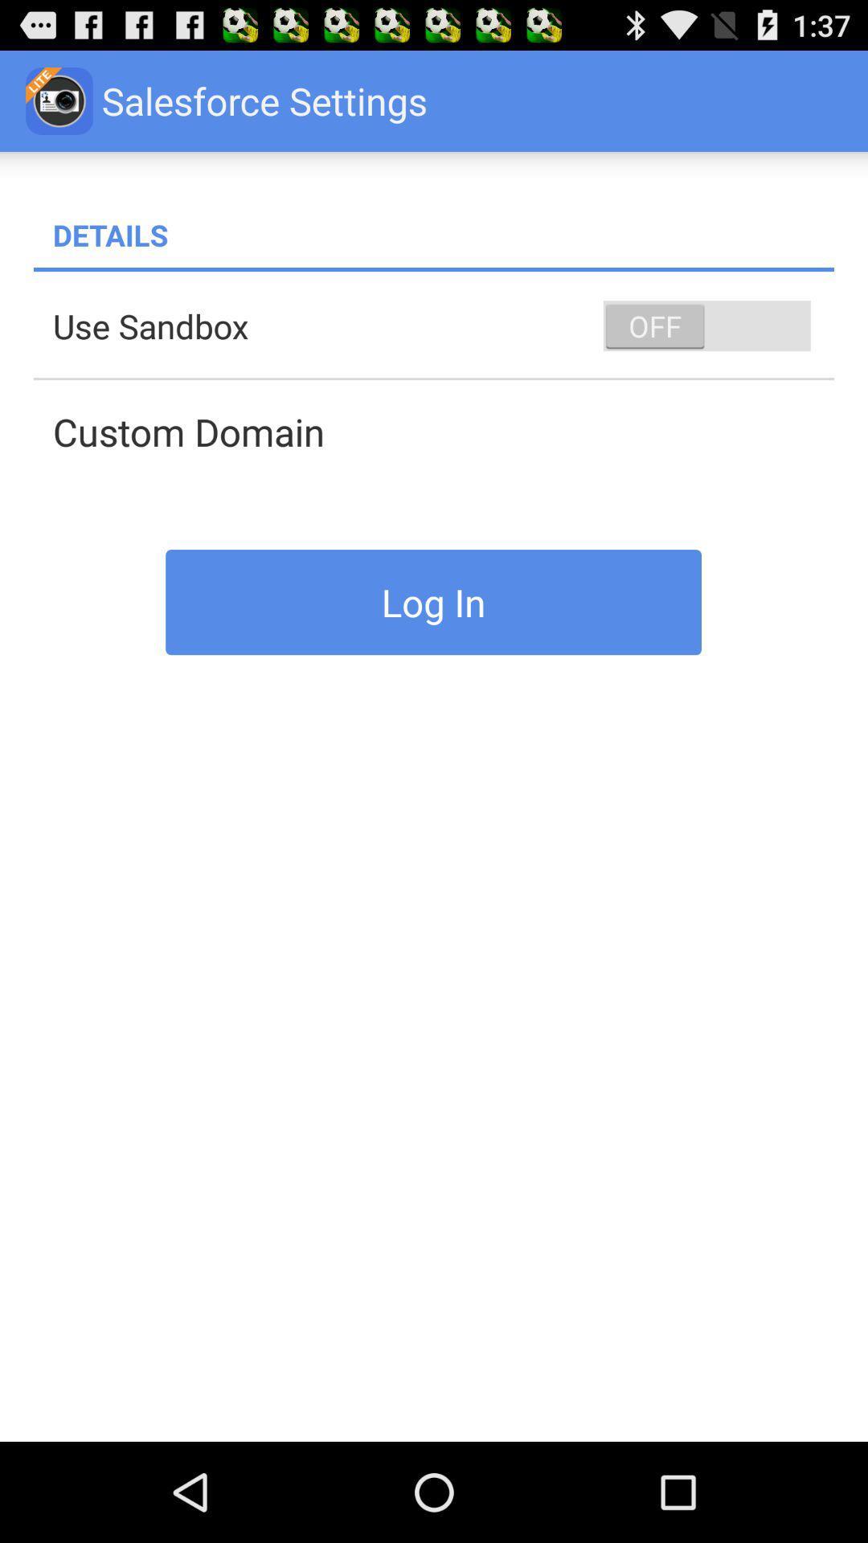 This screenshot has height=1543, width=868. I want to click on the item at the center, so click(432, 601).